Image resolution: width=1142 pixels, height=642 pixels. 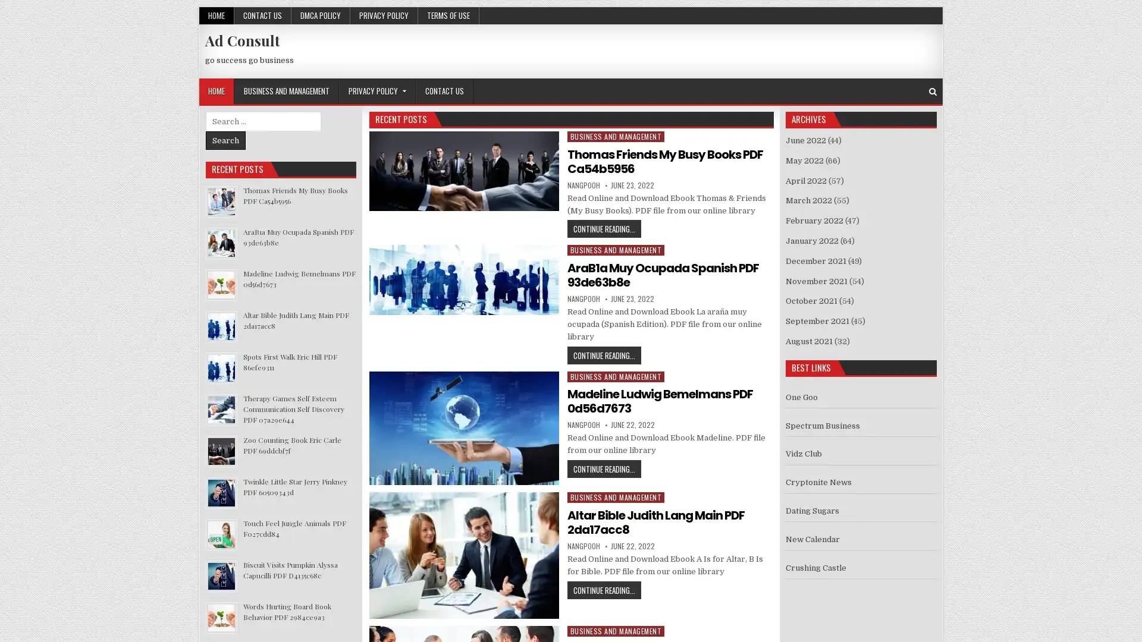 I want to click on Search, so click(x=225, y=140).